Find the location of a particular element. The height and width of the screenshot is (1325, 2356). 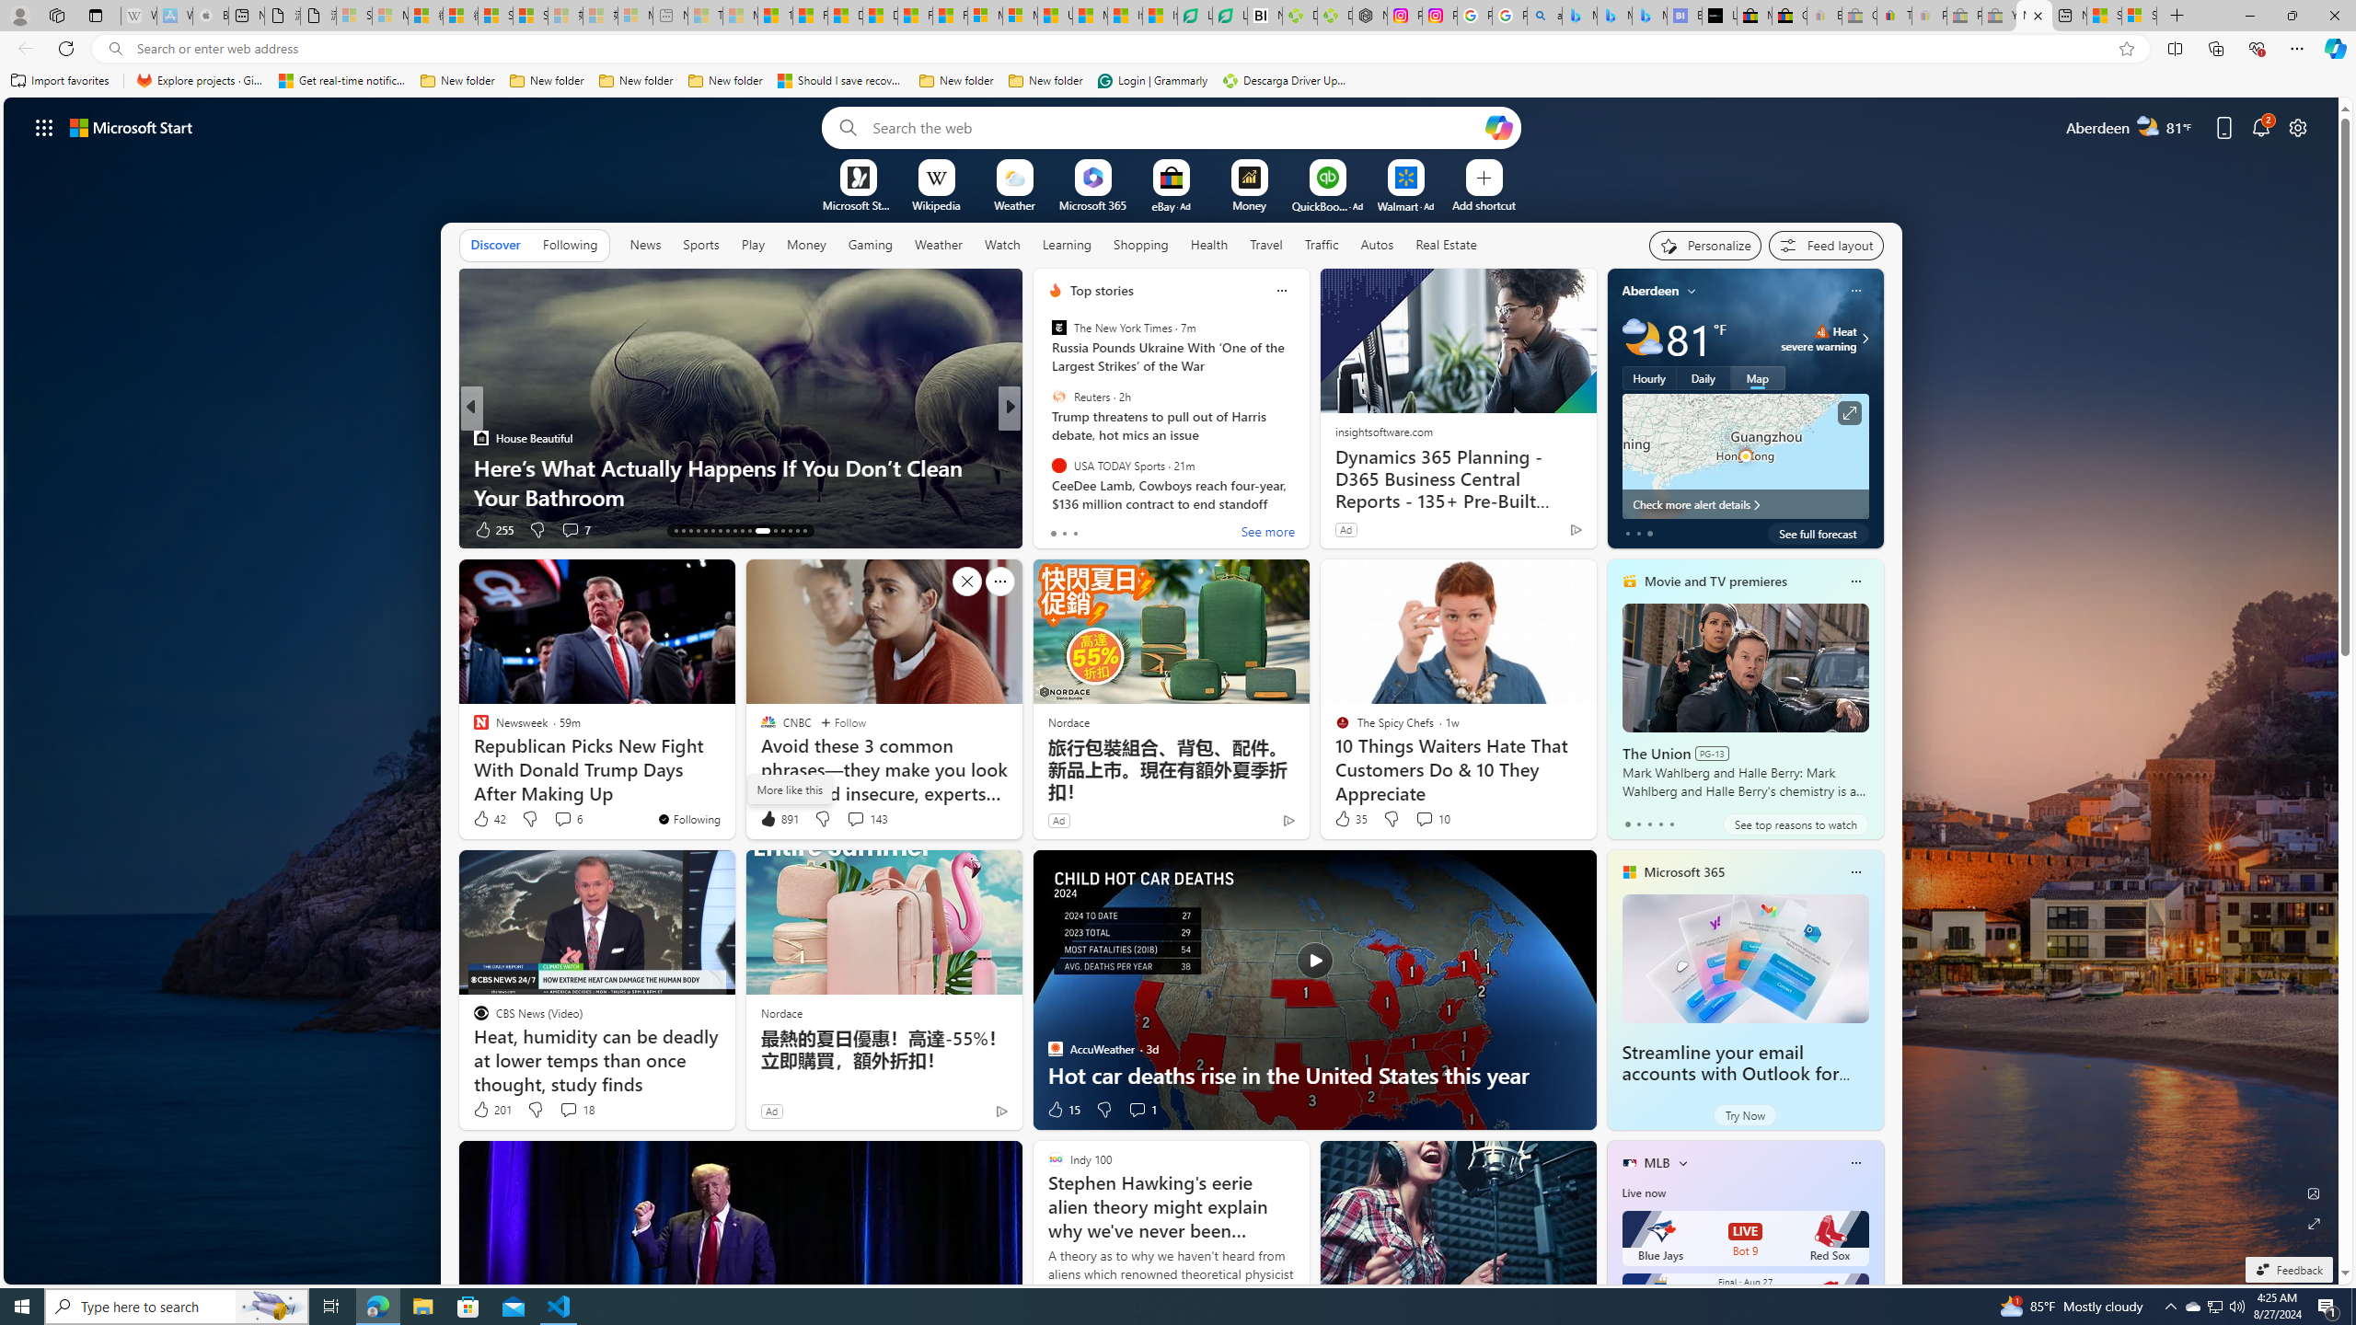

'AutomationID: tab-19' is located at coordinates (720, 531).